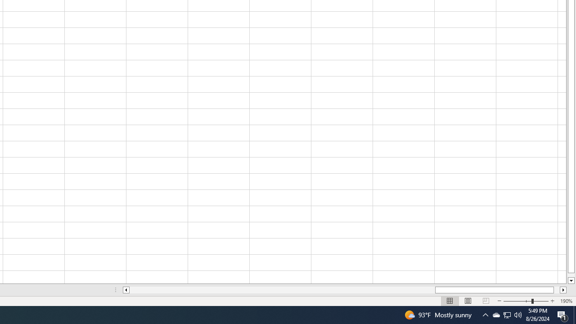 This screenshot has height=324, width=576. Describe the element at coordinates (571, 274) in the screenshot. I see `'Page down'` at that location.